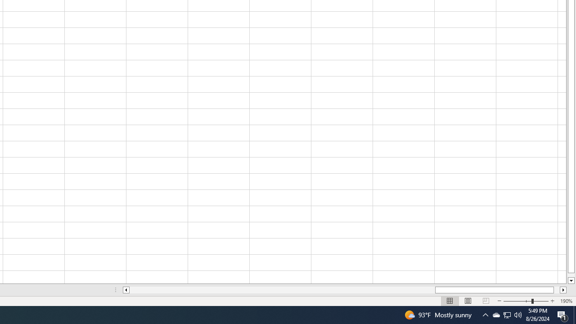 This screenshot has height=324, width=576. Describe the element at coordinates (571, 274) in the screenshot. I see `'Page down'` at that location.